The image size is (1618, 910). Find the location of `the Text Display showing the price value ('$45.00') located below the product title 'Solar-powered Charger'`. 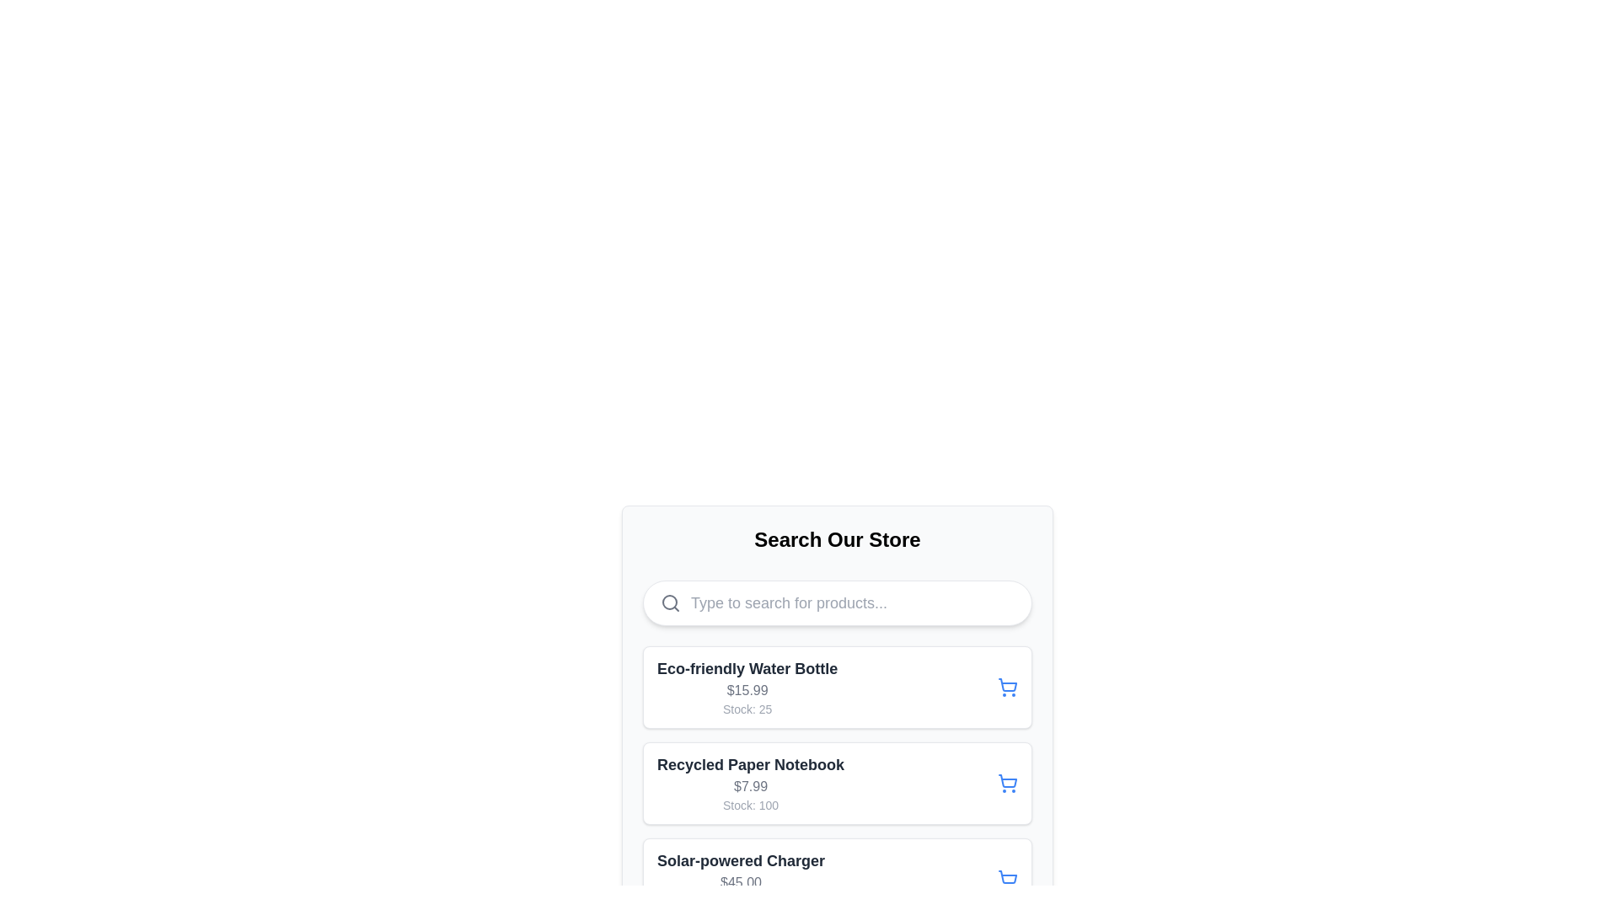

the Text Display showing the price value ('$45.00') located below the product title 'Solar-powered Charger' is located at coordinates (741, 882).